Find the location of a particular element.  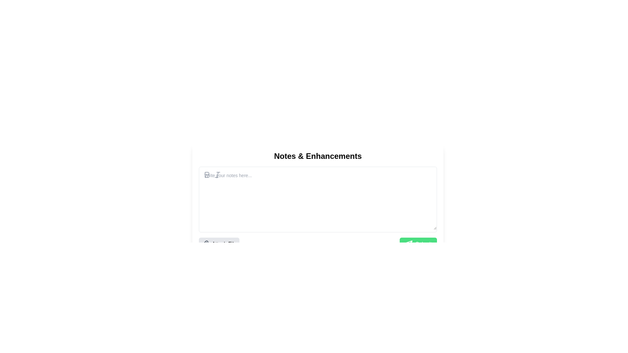

the paperclip-shaped SVG icon located to the left of the 'Attach File' text within a gray rectangular button is located at coordinates (205, 244).